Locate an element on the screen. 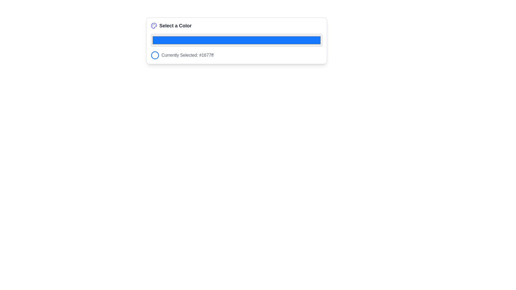  the decorative icon representing color selection in the header of the 'Select a Color' section is located at coordinates (153, 26).